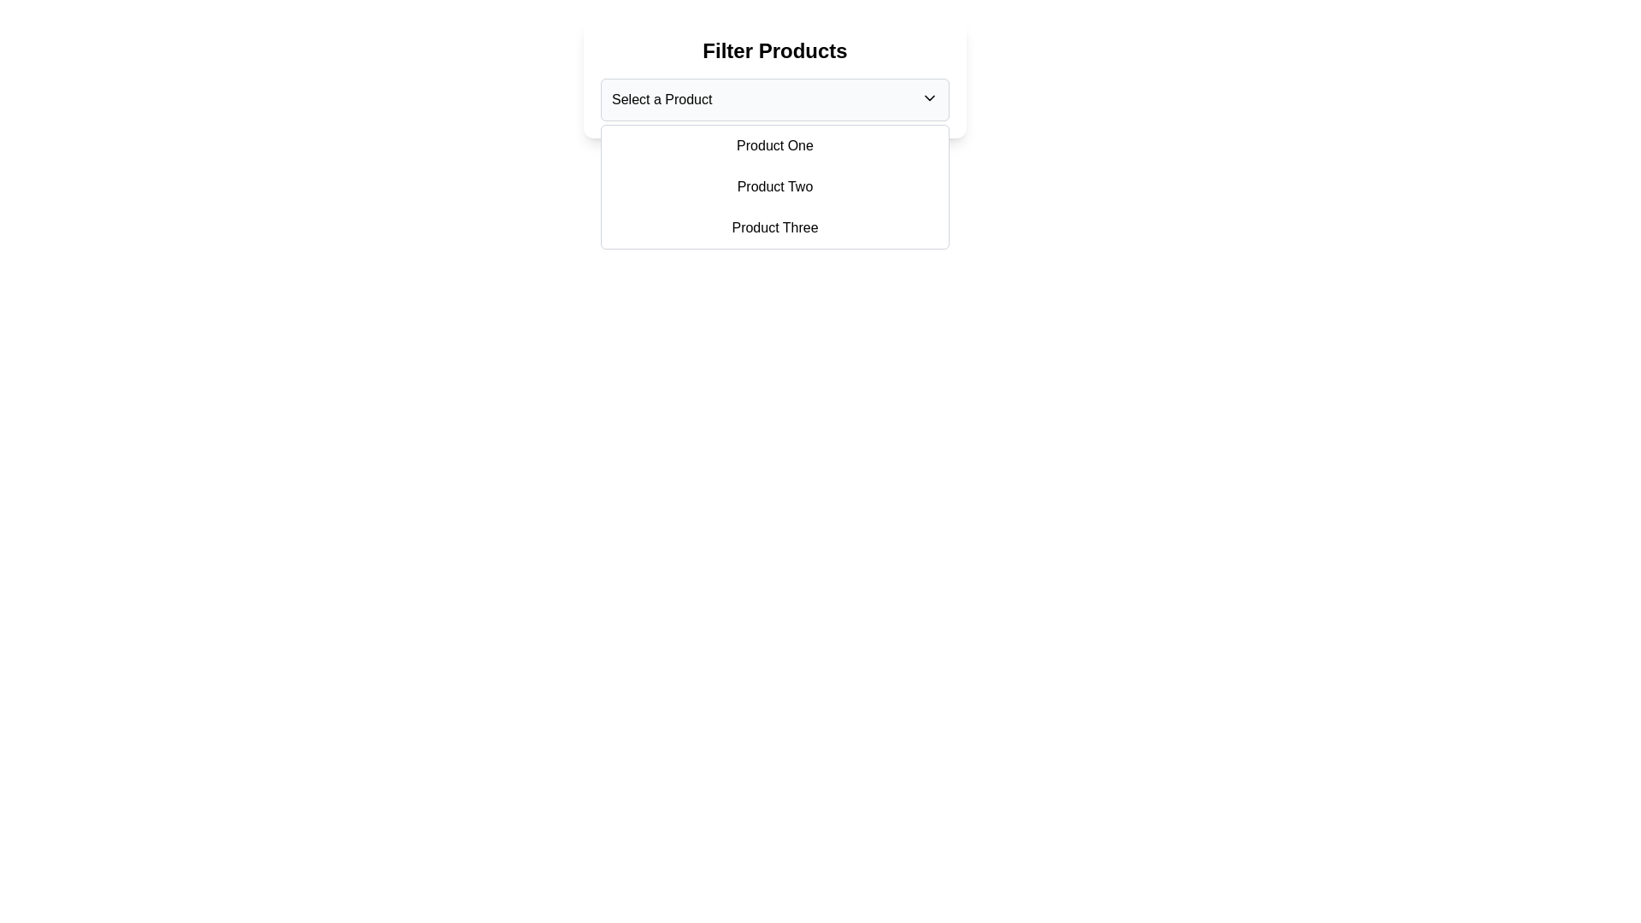 Image resolution: width=1641 pixels, height=923 pixels. Describe the element at coordinates (774, 226) in the screenshot. I see `the 'Product Three' button in the dropdown menu` at that location.